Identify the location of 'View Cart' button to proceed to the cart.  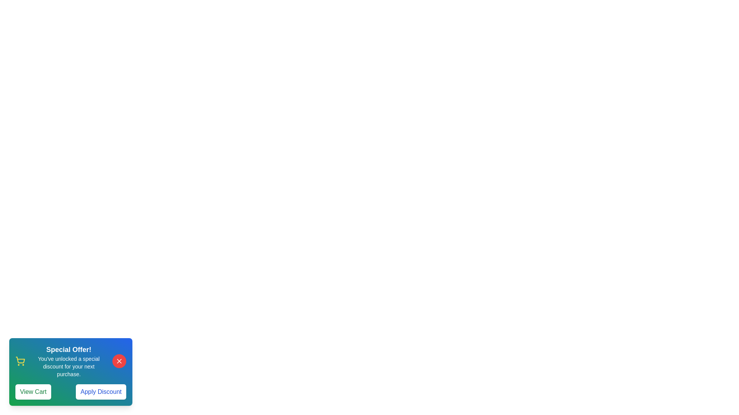
(33, 392).